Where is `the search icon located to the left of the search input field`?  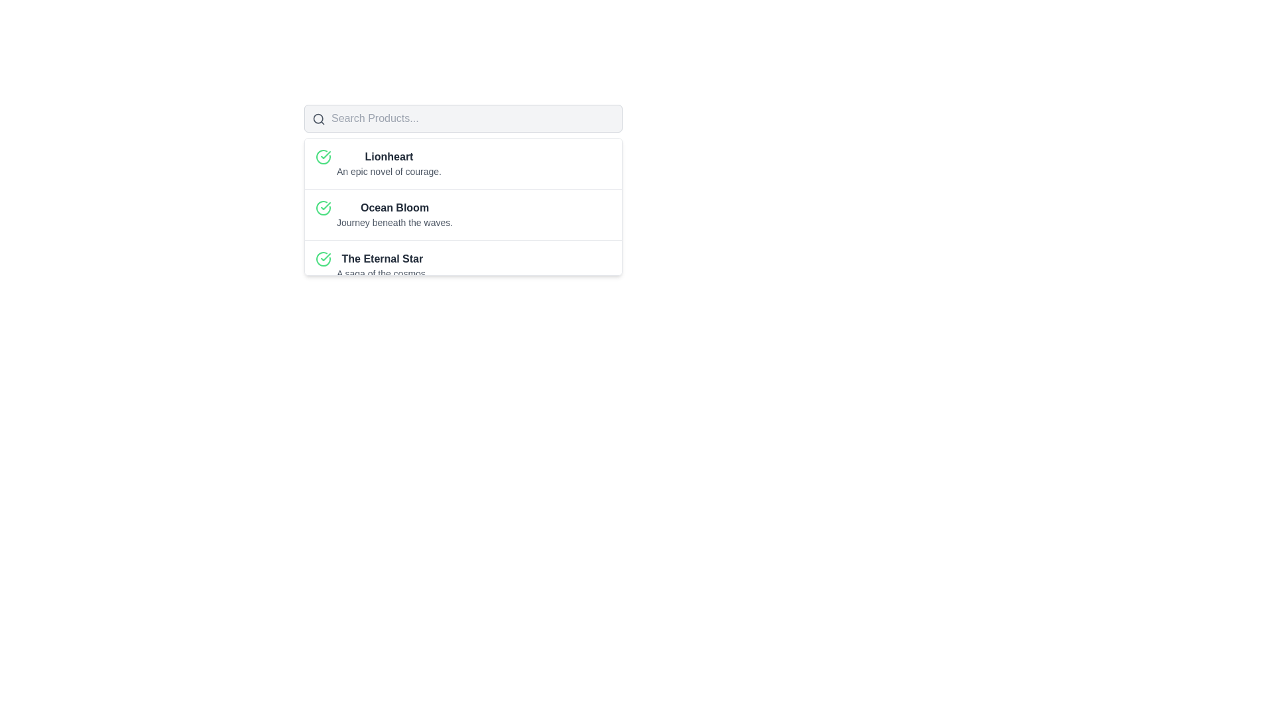 the search icon located to the left of the search input field is located at coordinates (318, 119).